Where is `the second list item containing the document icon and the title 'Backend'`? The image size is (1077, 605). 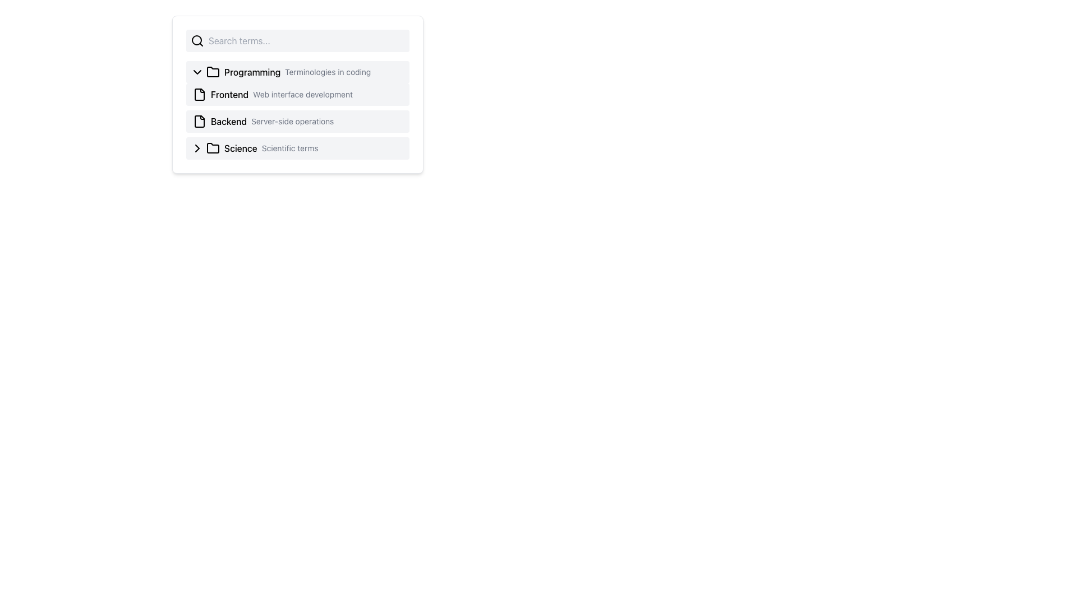 the second list item containing the document icon and the title 'Backend' is located at coordinates (298, 121).